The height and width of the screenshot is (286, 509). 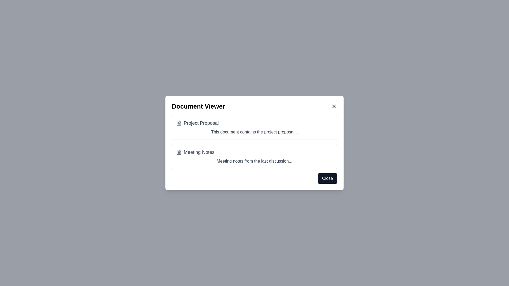 What do you see at coordinates (254, 132) in the screenshot?
I see `the text display element that shows 'This document contains the project proposal...' positioned under the 'Project Proposal' heading` at bounding box center [254, 132].